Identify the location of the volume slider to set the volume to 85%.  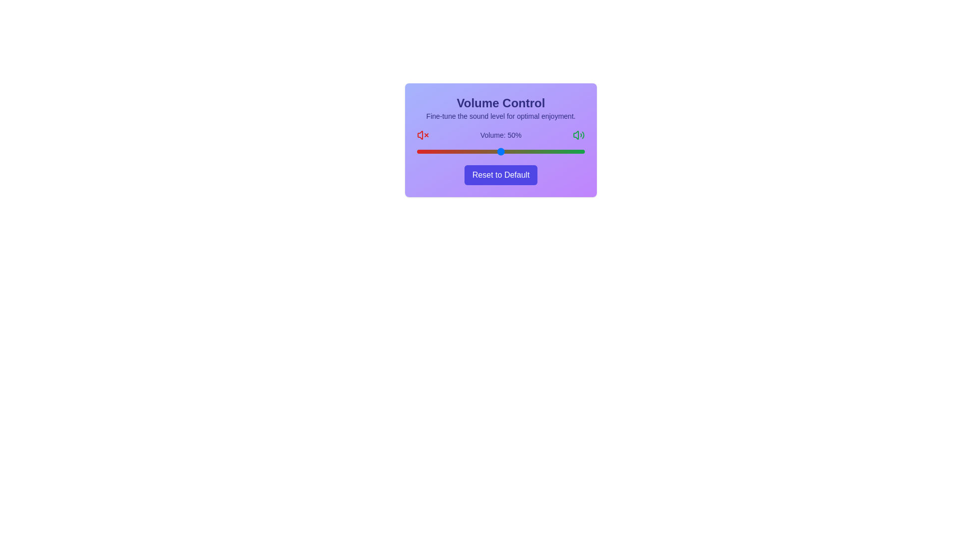
(559, 152).